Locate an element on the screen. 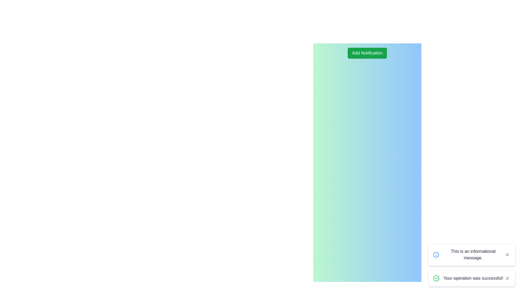 Image resolution: width=522 pixels, height=293 pixels. the success notification message located in the bottom-right corner of the interface, which is the second notification in a vertically-stacked list of two notifications is located at coordinates (472, 278).